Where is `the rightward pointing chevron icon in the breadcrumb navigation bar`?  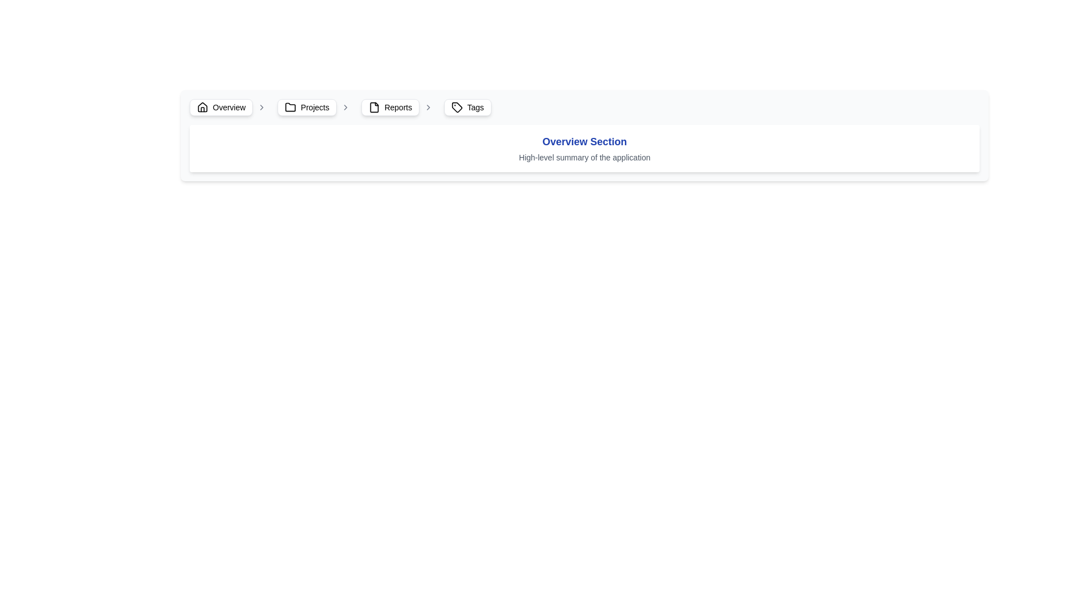
the rightward pointing chevron icon in the breadcrumb navigation bar is located at coordinates (261, 108).